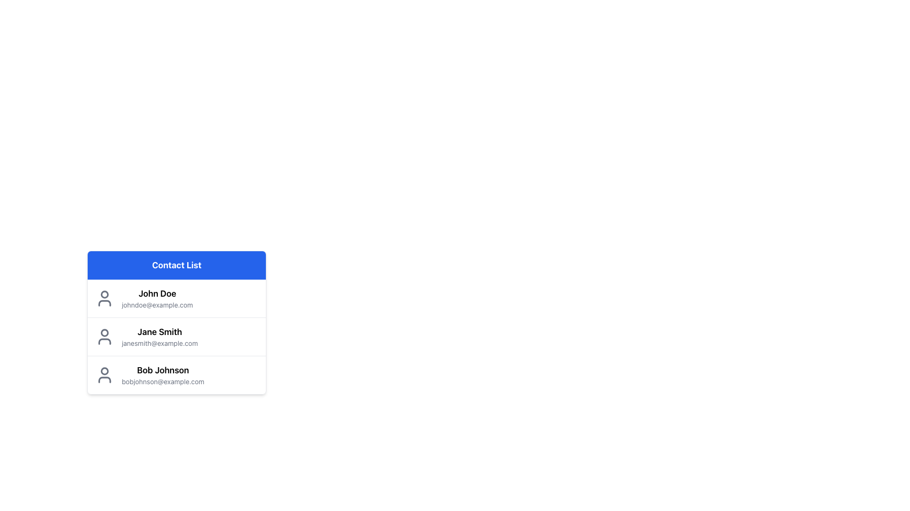 Image resolution: width=910 pixels, height=511 pixels. Describe the element at coordinates (104, 379) in the screenshot. I see `the decorative shoulder and torso part of the user avatar for 'Bob Johnson', which is located to the left of his name and email address in the contact list` at that location.